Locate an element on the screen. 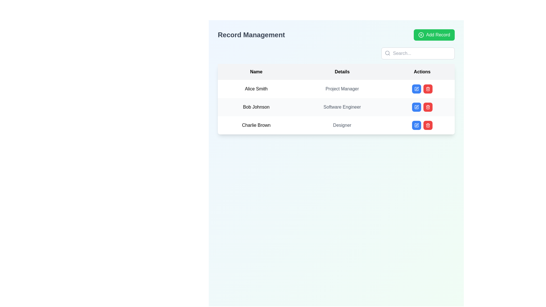  the 'Add Record' button which contains a circular icon with a plus sign in its center, located at the top-right corner of the interface is located at coordinates (421, 35).